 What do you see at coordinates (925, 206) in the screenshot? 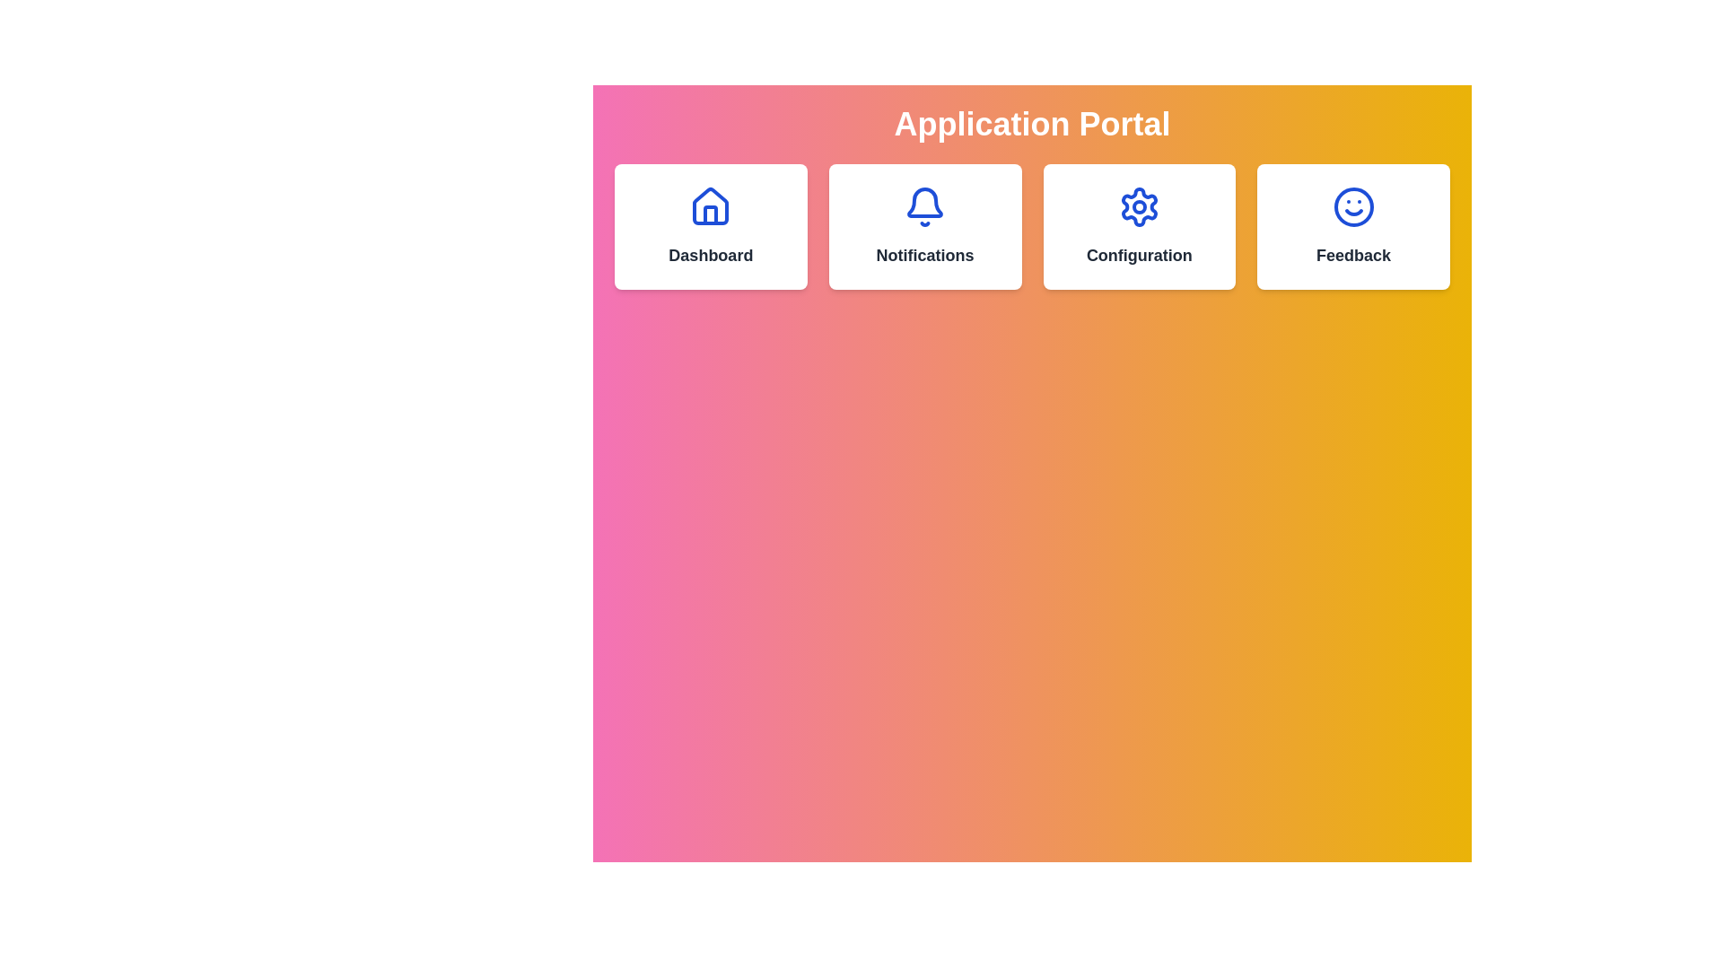
I see `the notification indicator icon located in the 'Notifications' section, which is positioned above the text 'Notifications.'` at bounding box center [925, 206].